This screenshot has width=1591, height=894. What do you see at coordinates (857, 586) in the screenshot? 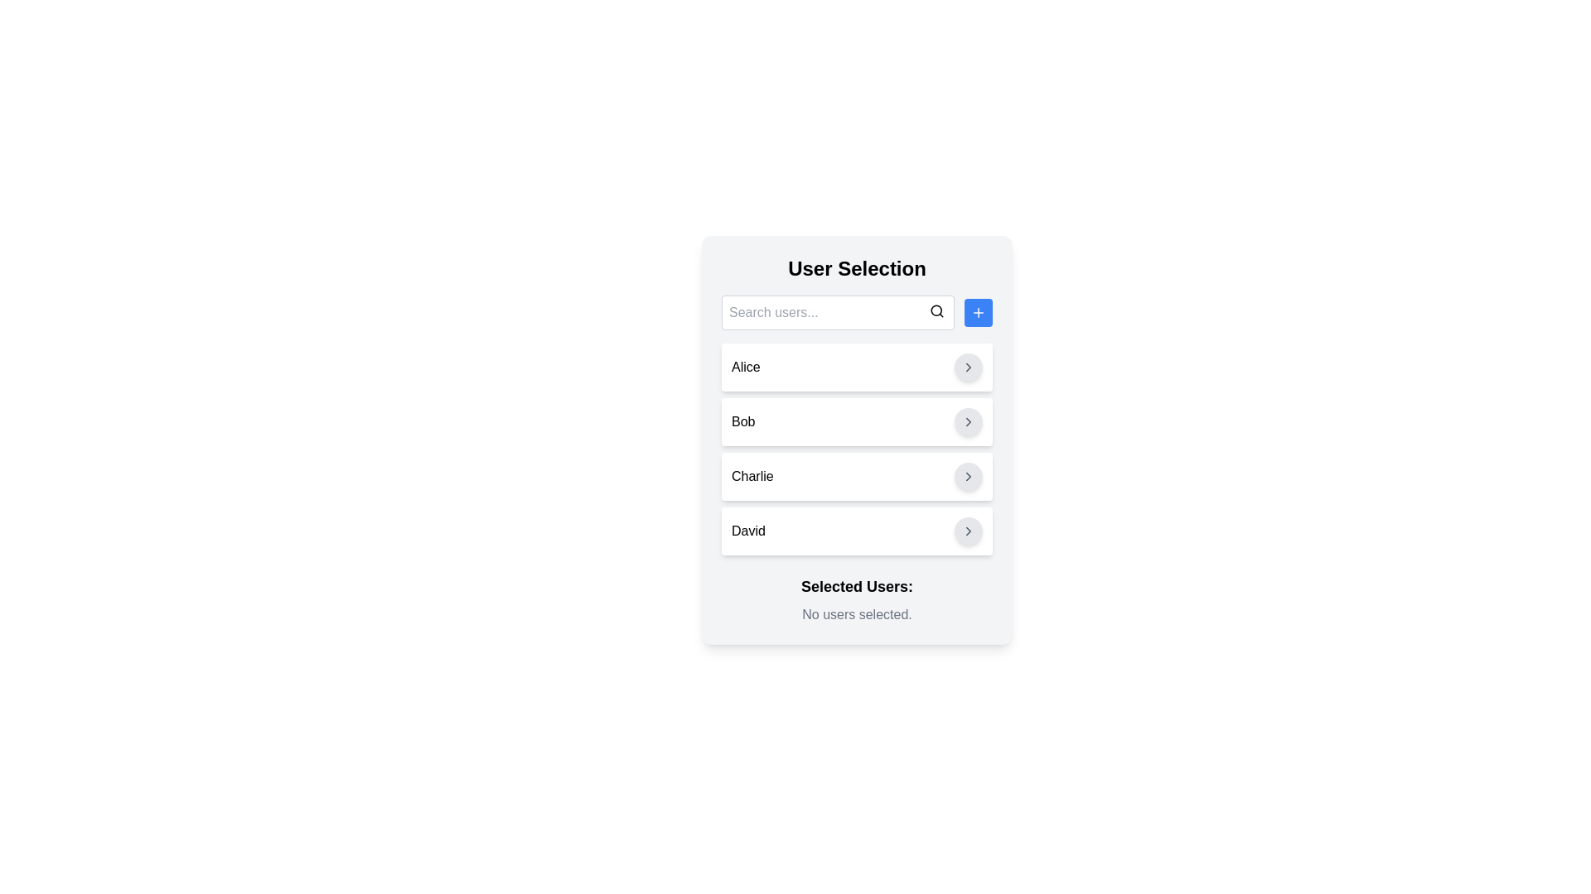
I see `the static text label or heading that reads 'Selected Users:', which is styled distinctly as a heading and positioned above the text 'No users selected.'` at bounding box center [857, 586].